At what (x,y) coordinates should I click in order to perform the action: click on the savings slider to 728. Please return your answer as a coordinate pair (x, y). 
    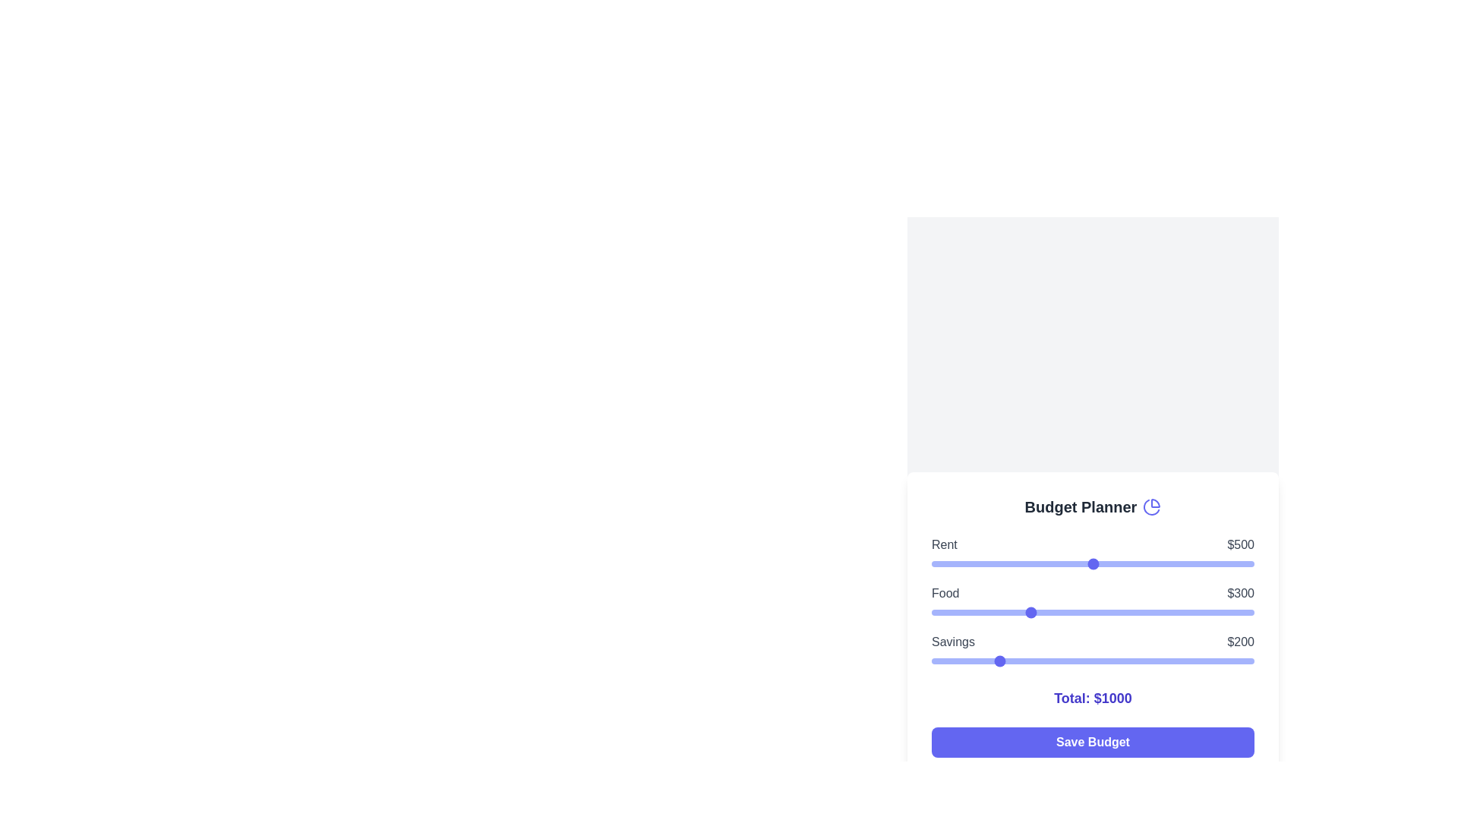
    Looking at the image, I should click on (1166, 661).